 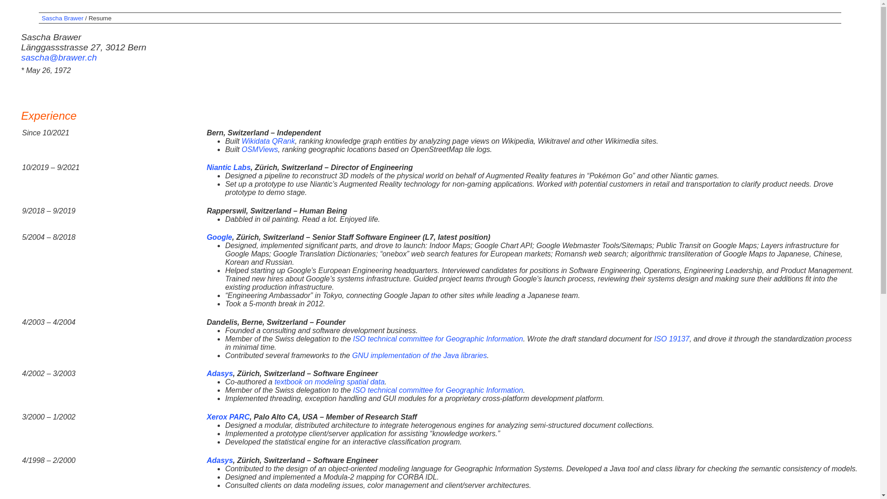 What do you see at coordinates (228, 417) in the screenshot?
I see `'Xerox PARC'` at bounding box center [228, 417].